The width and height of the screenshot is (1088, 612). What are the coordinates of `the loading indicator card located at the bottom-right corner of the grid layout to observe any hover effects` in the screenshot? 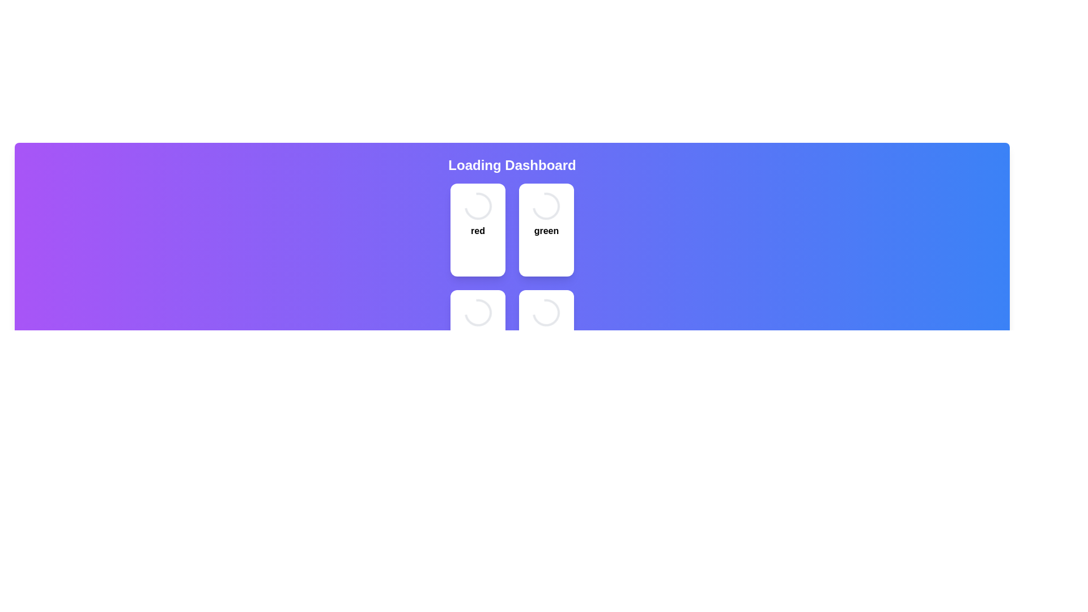 It's located at (546, 336).